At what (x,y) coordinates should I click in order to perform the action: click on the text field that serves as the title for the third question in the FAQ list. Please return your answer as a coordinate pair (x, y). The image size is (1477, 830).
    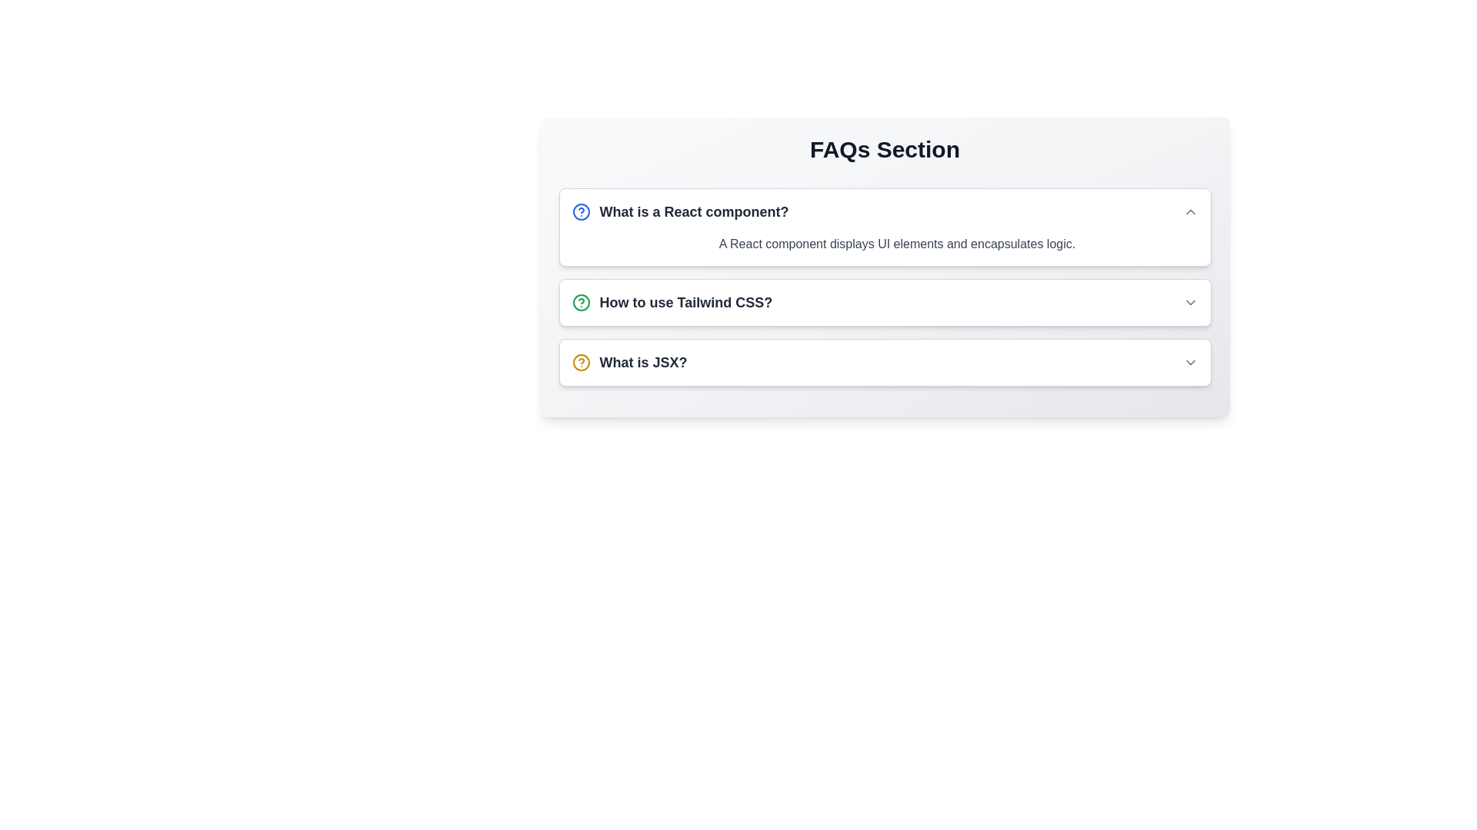
    Looking at the image, I should click on (643, 362).